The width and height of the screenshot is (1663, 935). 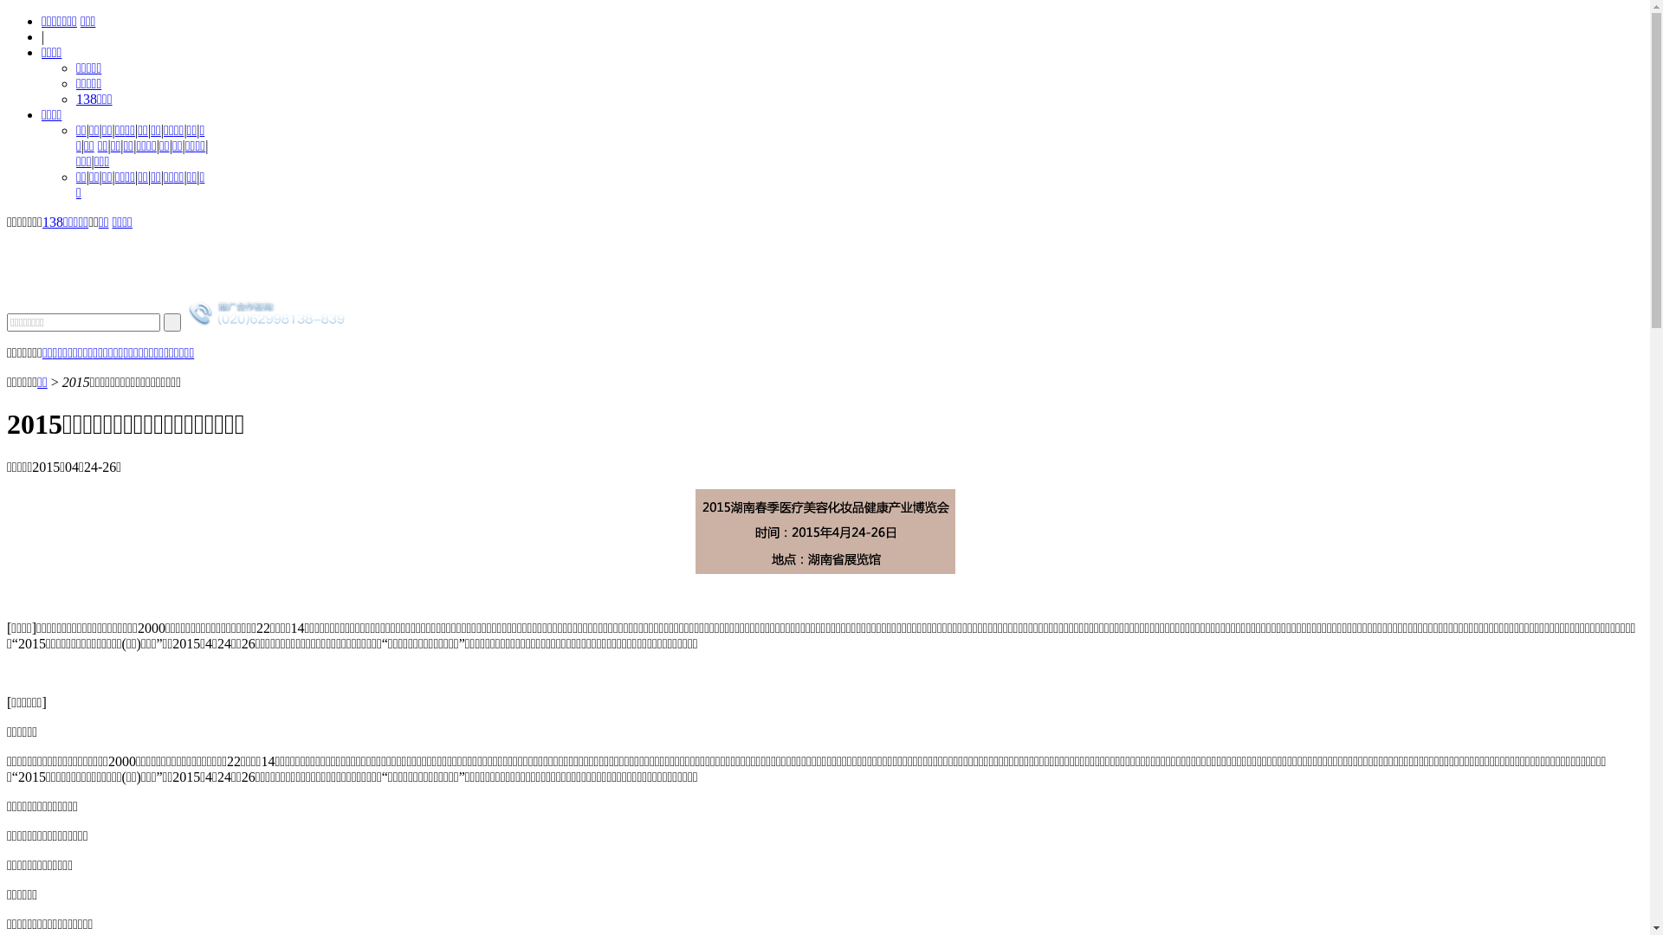 What do you see at coordinates (171, 322) in the screenshot?
I see `' '` at bounding box center [171, 322].